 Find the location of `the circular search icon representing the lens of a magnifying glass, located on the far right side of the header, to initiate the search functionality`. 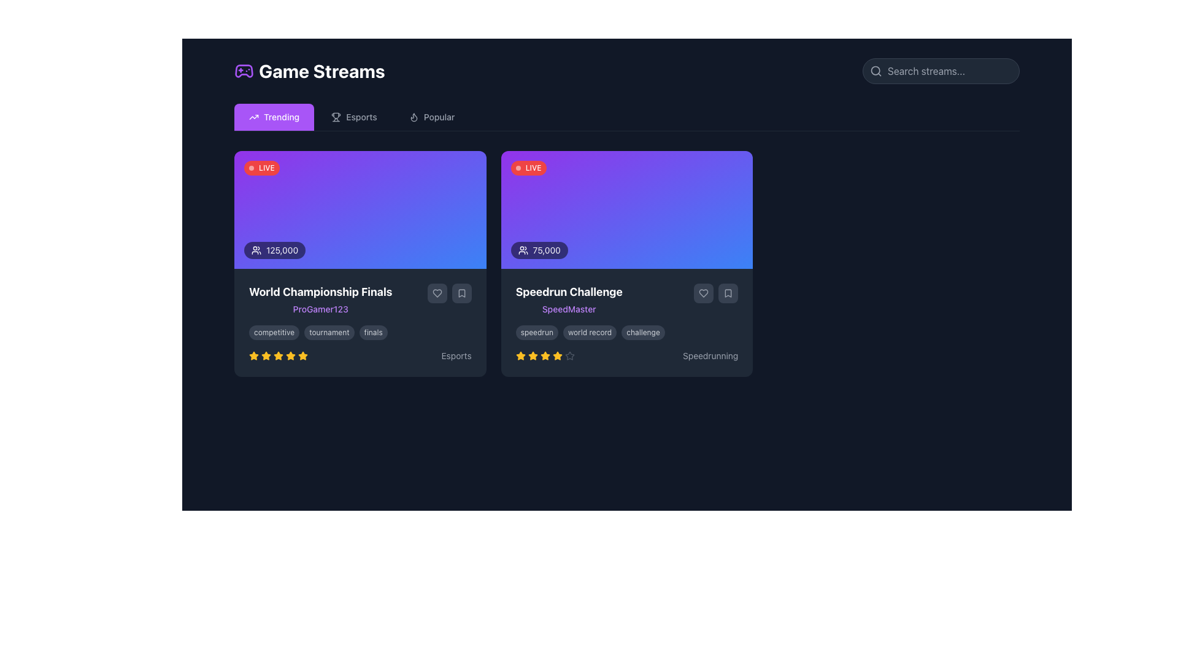

the circular search icon representing the lens of a magnifying glass, located on the far right side of the header, to initiate the search functionality is located at coordinates (875, 71).